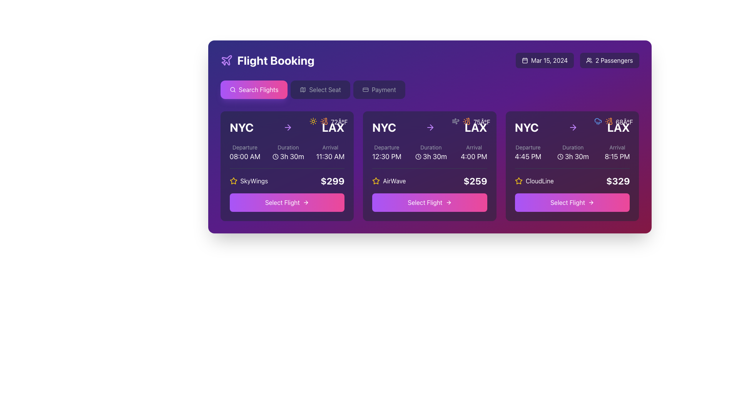  What do you see at coordinates (286, 153) in the screenshot?
I see `information displayed in the text display group (information panel) that shows details about the departure time, travel duration, and arrival time for the selected flight option, located centrally below the 'NYC to LAX' route heading` at bounding box center [286, 153].